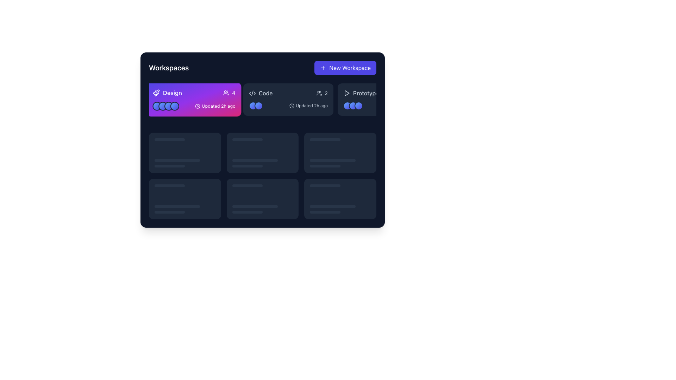 This screenshot has height=380, width=676. Describe the element at coordinates (185, 209) in the screenshot. I see `the loading indicator component, which is a placeholder for content and located in the bottom-right quadrant of the interface` at that location.